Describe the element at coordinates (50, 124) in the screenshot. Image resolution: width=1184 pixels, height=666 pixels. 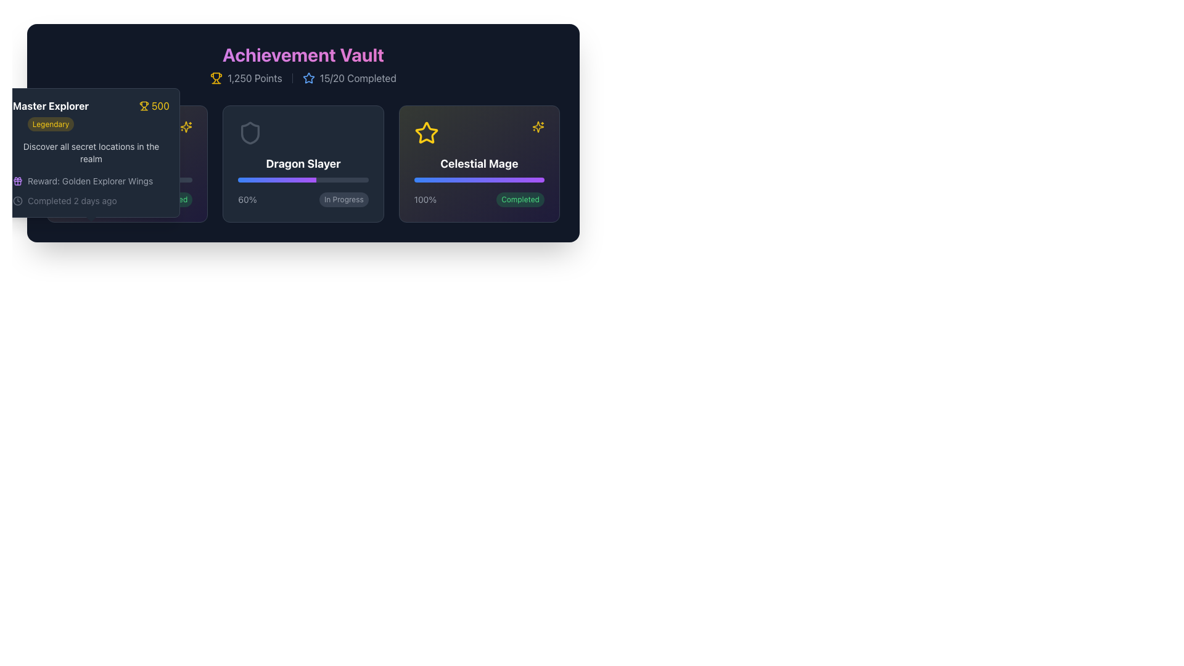
I see `the 'Legendary' status label, which is a small, pill-shaped label with yellow text on a dark semi-transparent background, located beneath the 'Master Explorer' title` at that location.